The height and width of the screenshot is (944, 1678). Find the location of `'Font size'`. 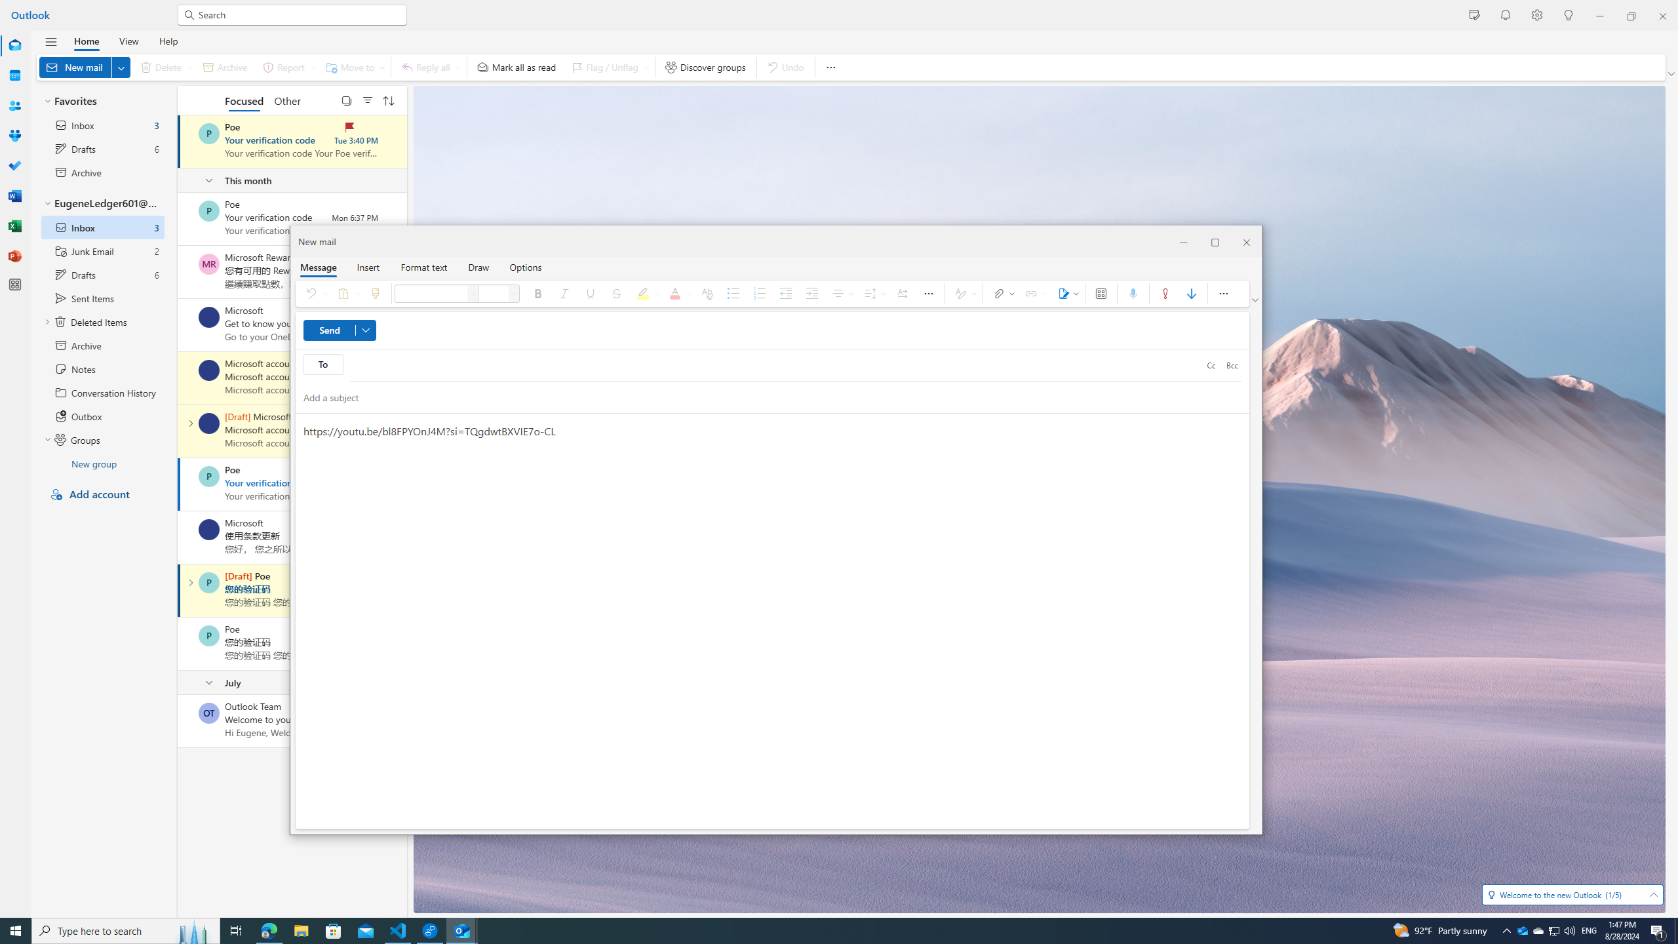

'Font size' is located at coordinates (514, 293).